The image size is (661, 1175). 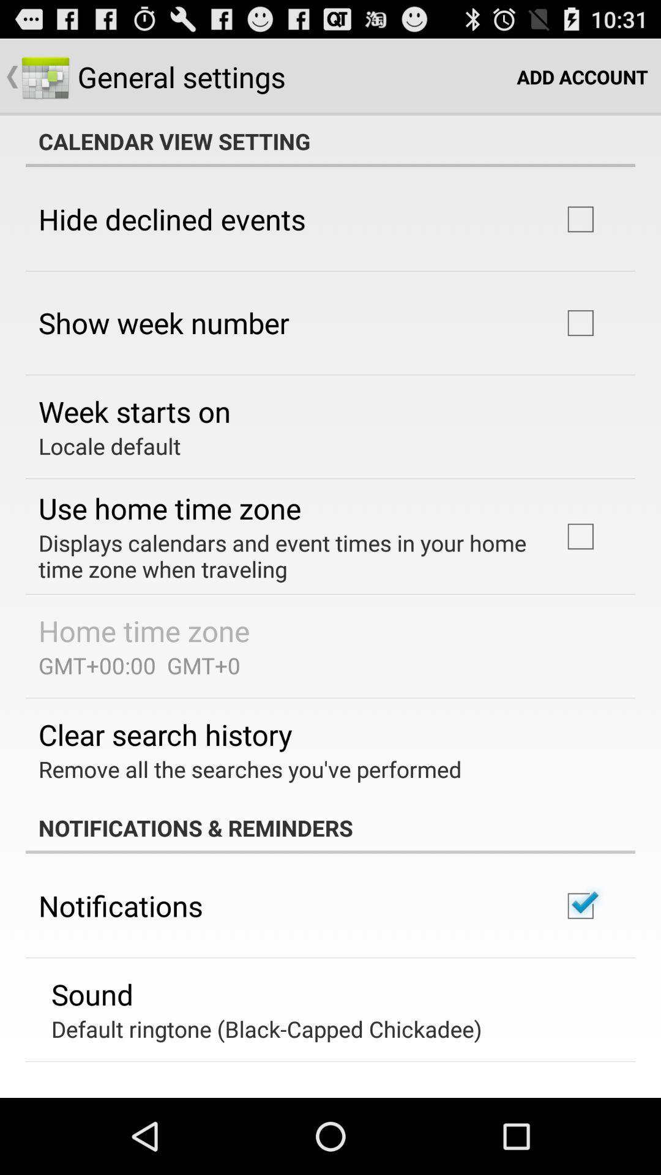 I want to click on item below the home time zone app, so click(x=138, y=665).